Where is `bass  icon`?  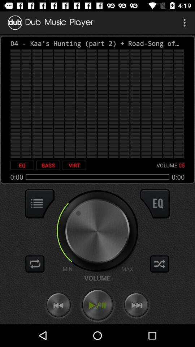
bass  icon is located at coordinates (48, 165).